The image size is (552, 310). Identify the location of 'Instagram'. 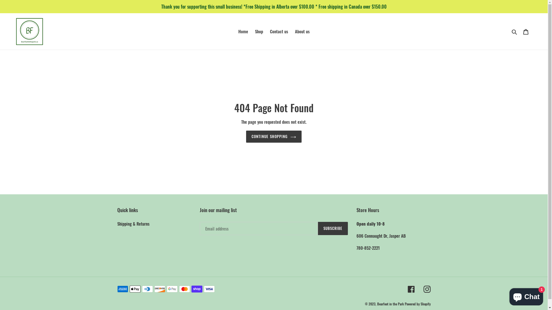
(427, 289).